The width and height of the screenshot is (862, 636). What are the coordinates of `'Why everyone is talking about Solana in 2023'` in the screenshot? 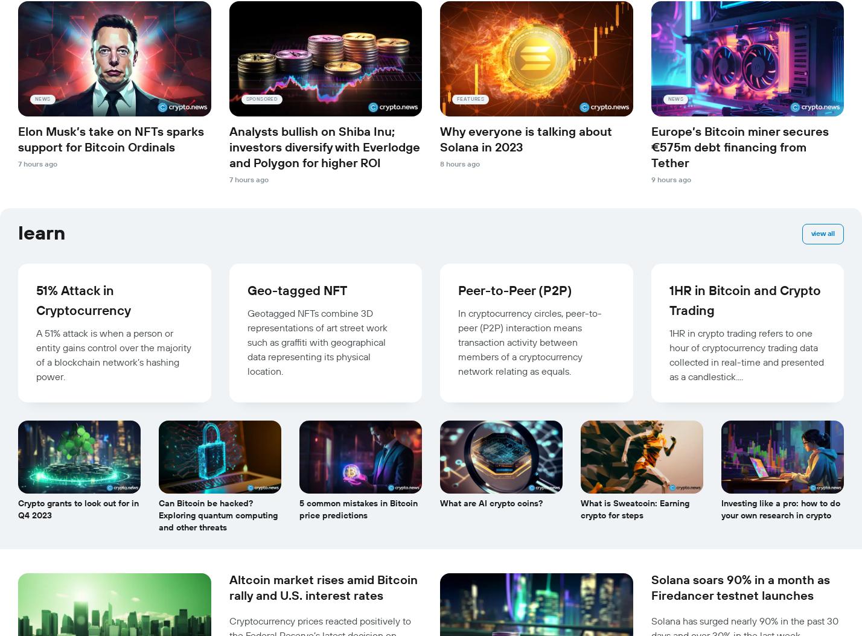 It's located at (526, 140).